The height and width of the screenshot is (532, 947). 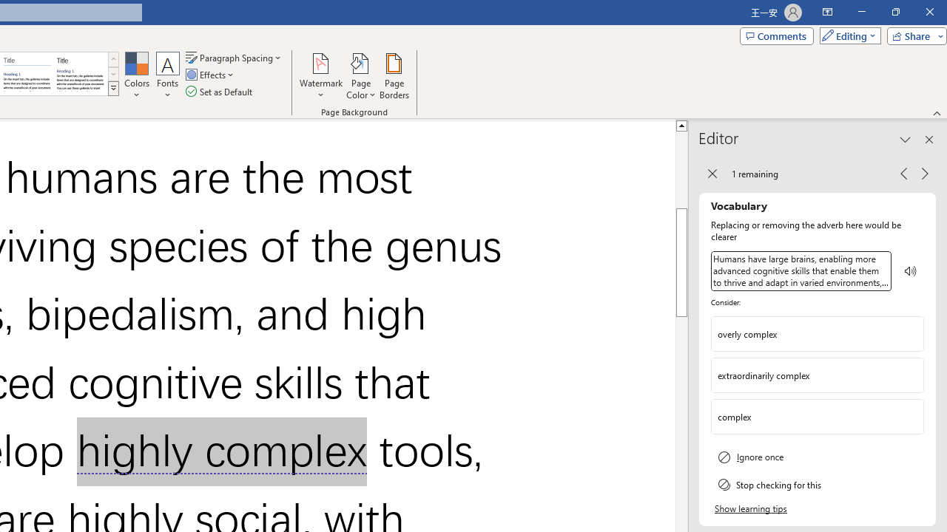 What do you see at coordinates (894, 12) in the screenshot?
I see `'Restore Down'` at bounding box center [894, 12].